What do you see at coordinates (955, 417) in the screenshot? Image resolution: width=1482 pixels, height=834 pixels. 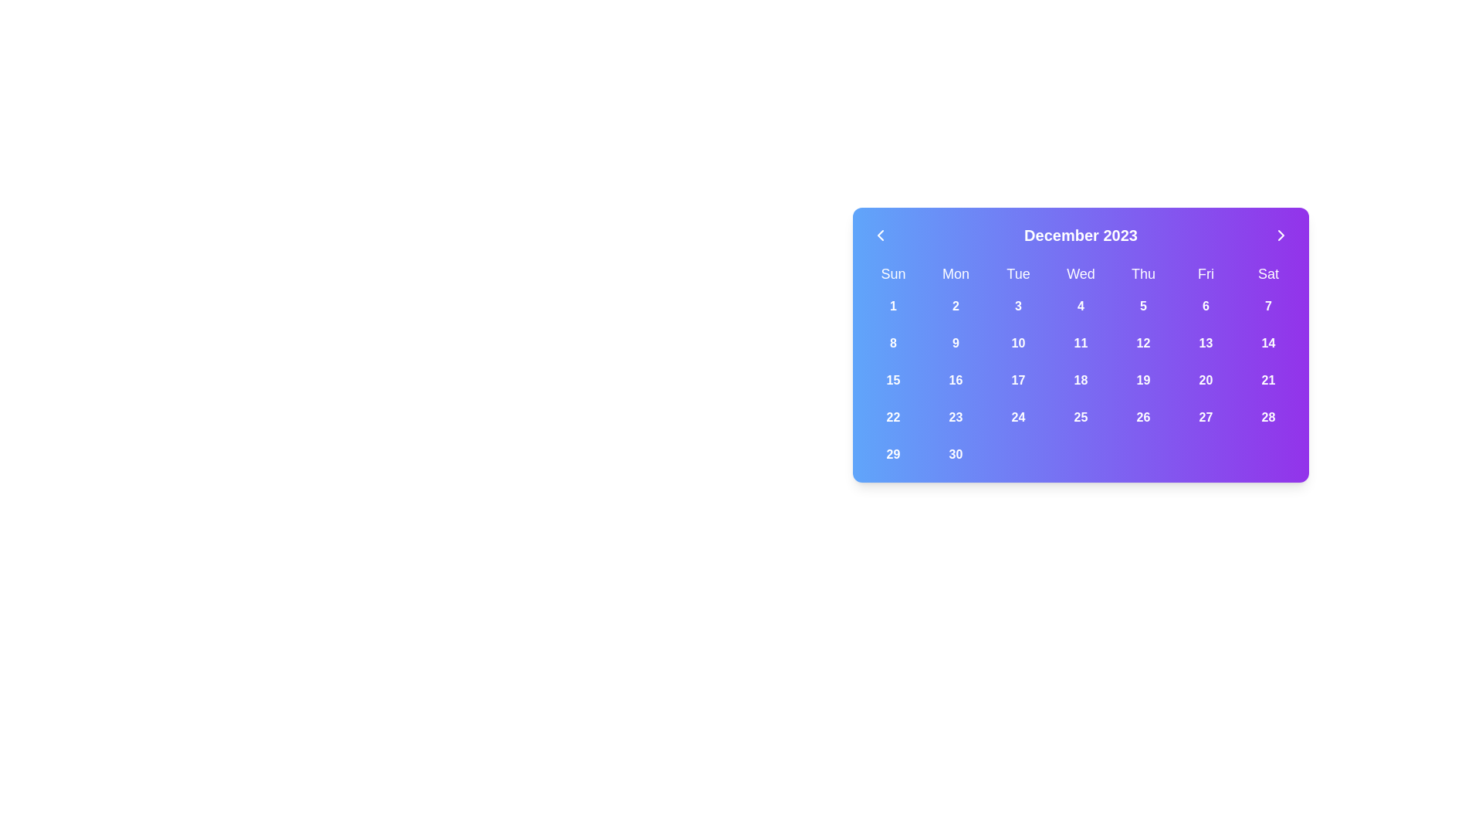 I see `the button-like element displaying the number '23' in bold, white color, located in the fifth row, second column of the calendar grid layout` at bounding box center [955, 417].